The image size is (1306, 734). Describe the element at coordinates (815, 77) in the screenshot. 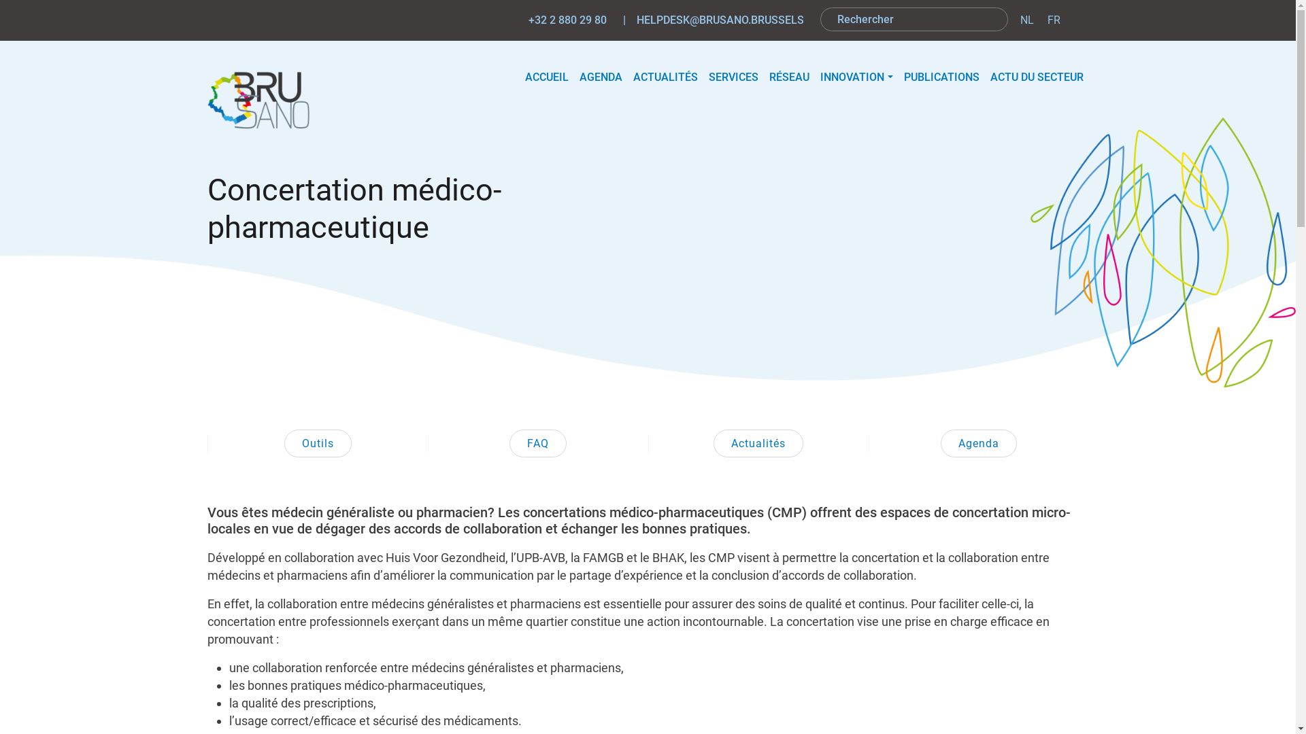

I see `'INNOVATION'` at that location.